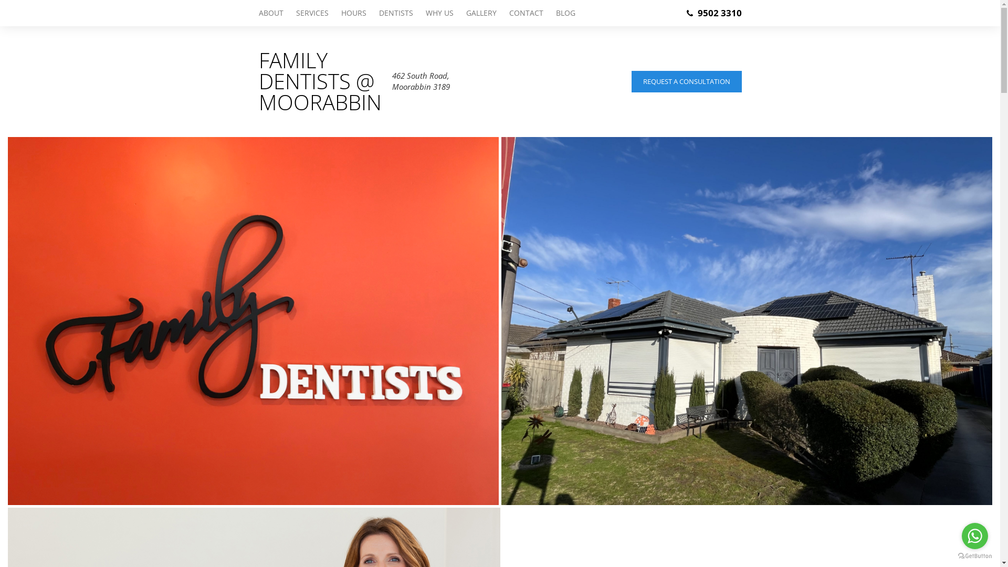  What do you see at coordinates (258, 80) in the screenshot?
I see `'FAMILY DENTISTS @ MOORABBIN'` at bounding box center [258, 80].